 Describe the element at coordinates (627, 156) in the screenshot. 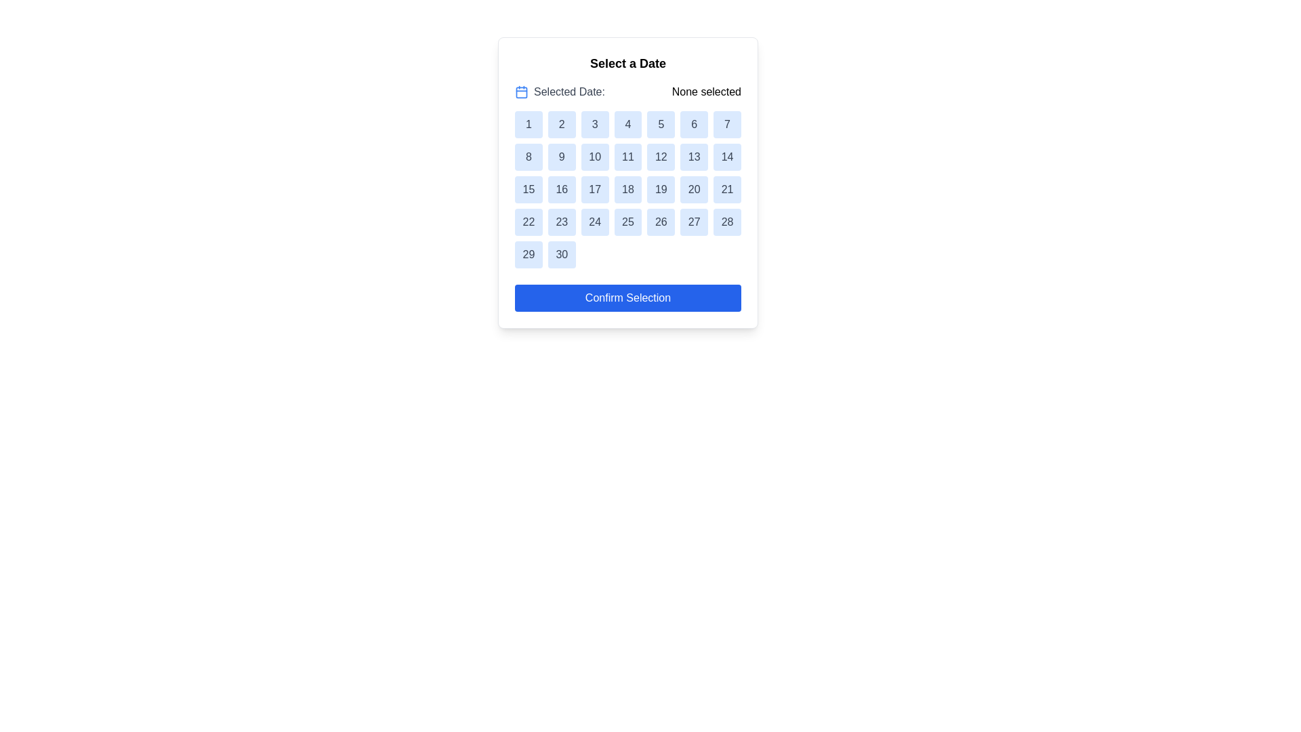

I see `the button representing the date '11' in the date-selection grid` at that location.